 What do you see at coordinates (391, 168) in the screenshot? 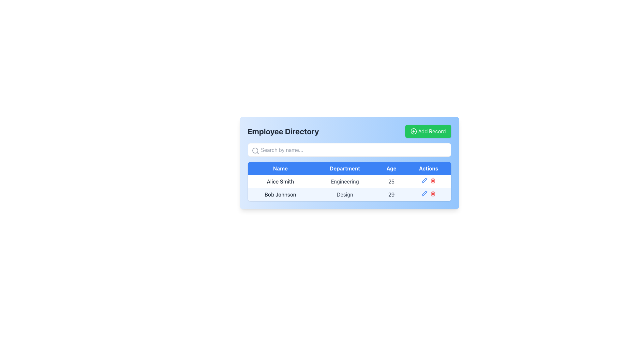
I see `the non-interactive header label for the 'Age' column in the table, located between the 'Department' and 'Actions' labels` at bounding box center [391, 168].